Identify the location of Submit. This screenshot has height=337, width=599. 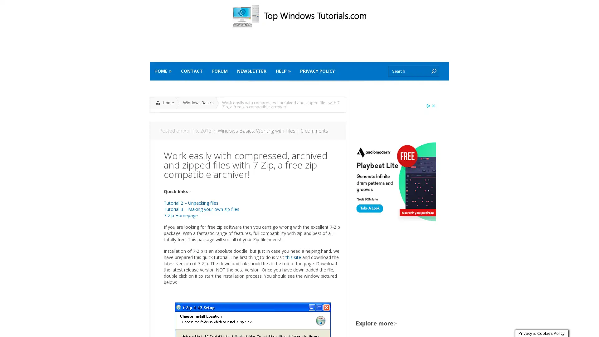
(433, 71).